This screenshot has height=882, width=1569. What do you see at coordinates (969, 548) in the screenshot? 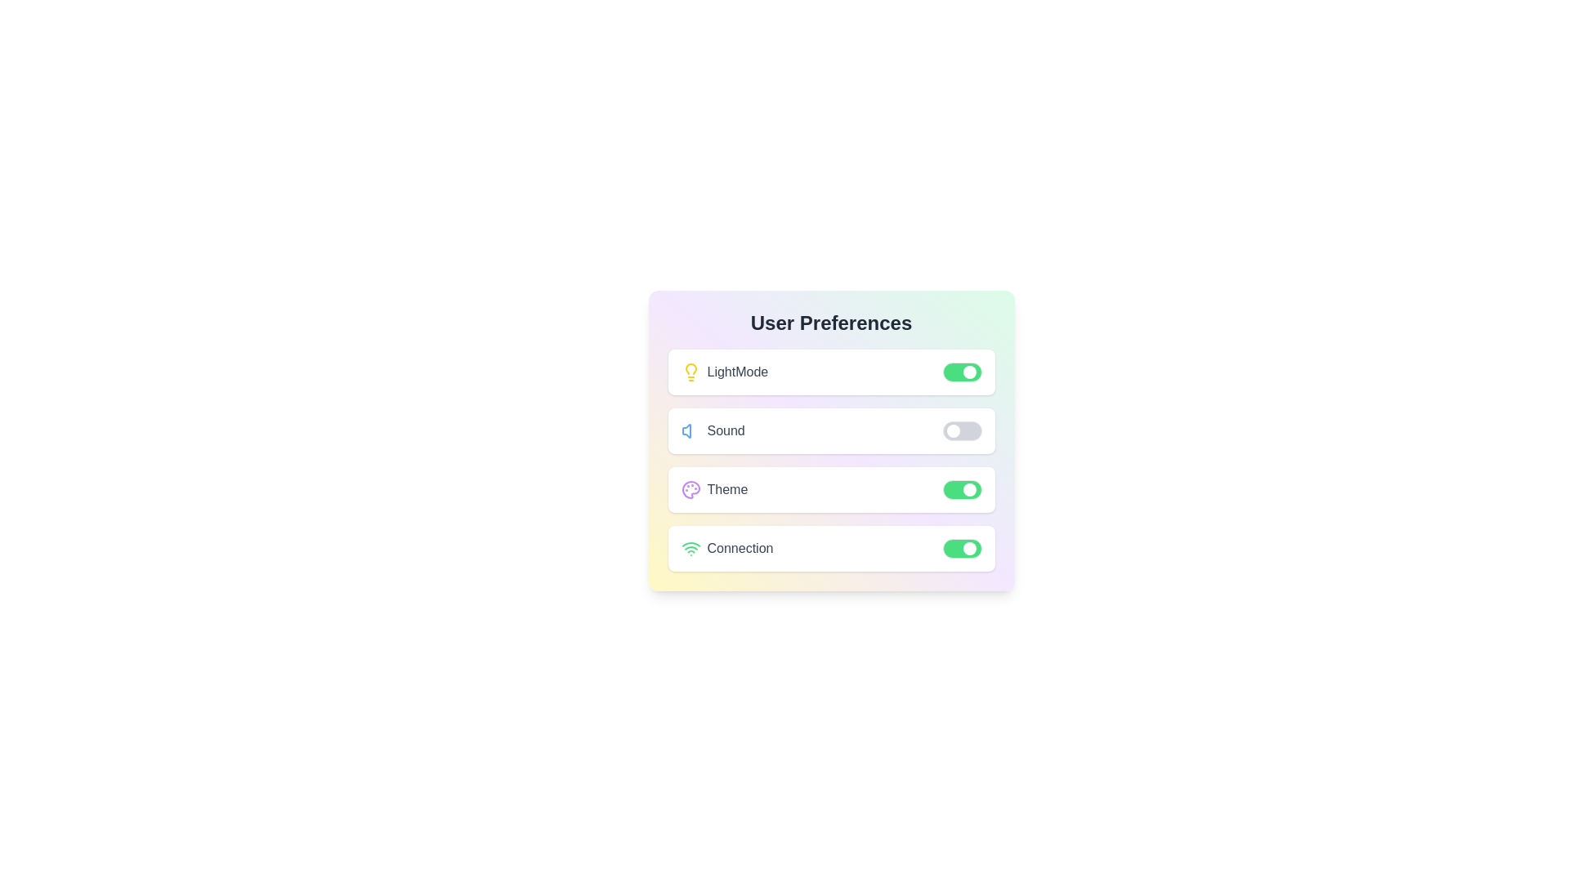
I see `the active circular toggle indicator located inside the green toggle button associated with the 'Connection' label in the 'User Preferences' section to change its state` at bounding box center [969, 548].